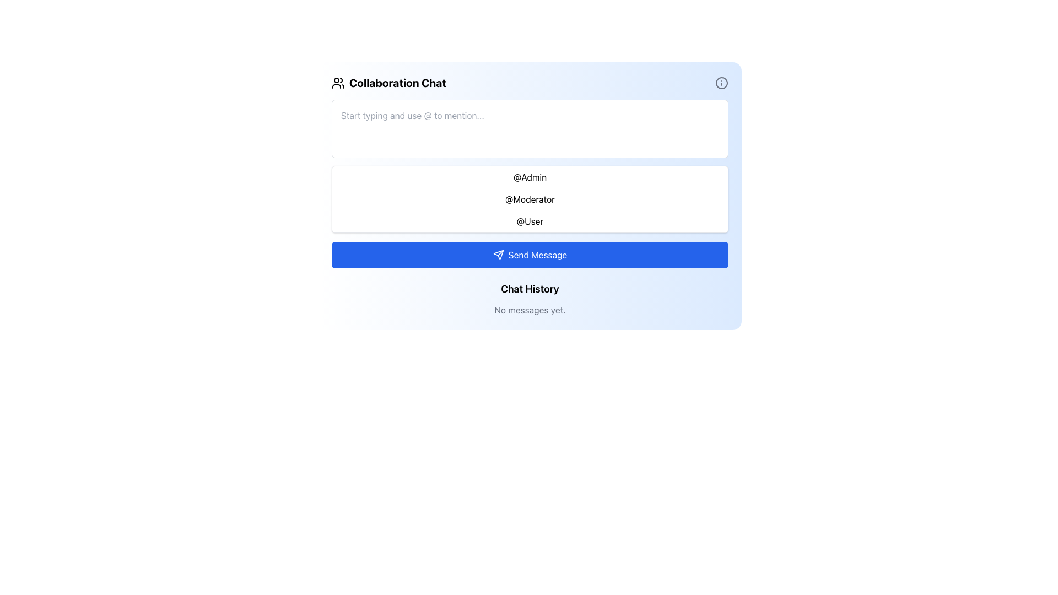  What do you see at coordinates (722, 82) in the screenshot?
I see `the informational SVG circle located in the top-right corner of the chat interface, adjacent to the input area for typing messages` at bounding box center [722, 82].